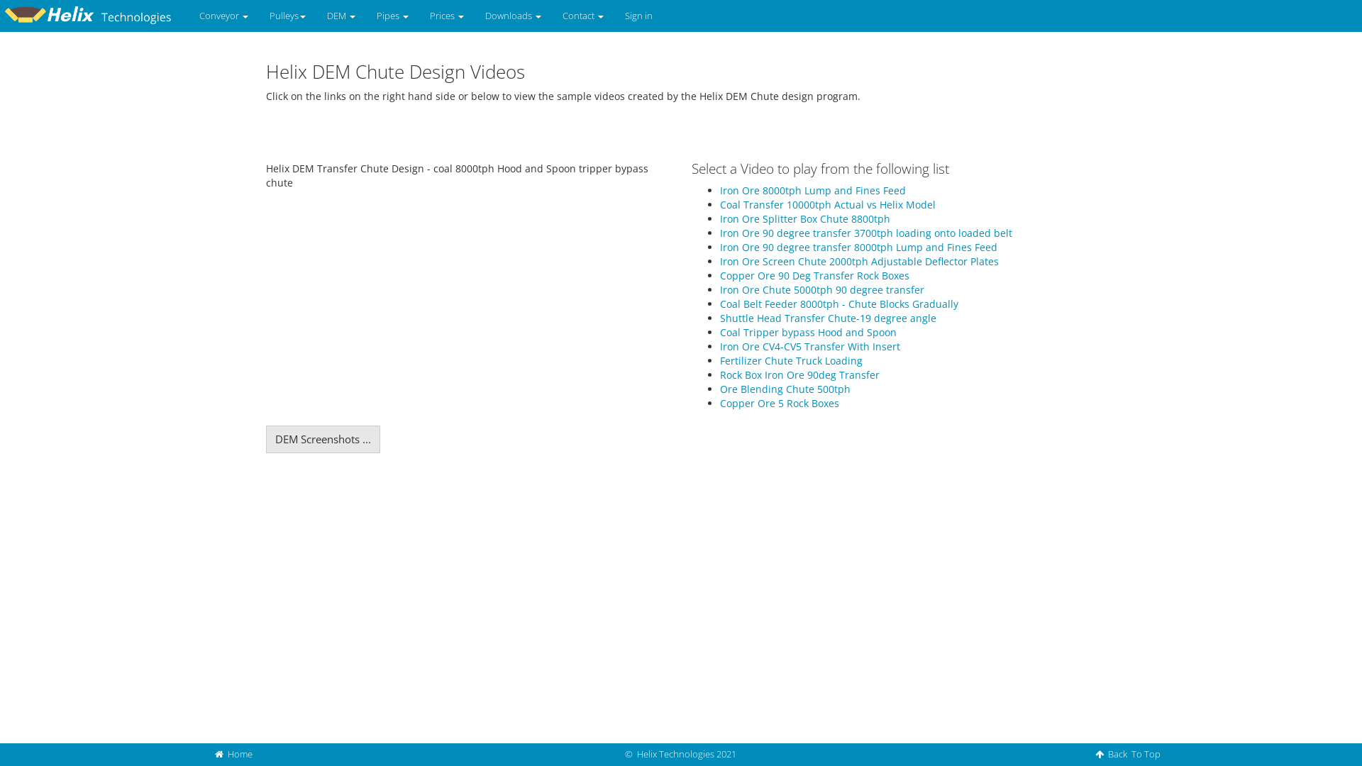 This screenshot has height=766, width=1362. I want to click on 'Iron Ore CV4-CV5 Transfer With Insert', so click(810, 346).